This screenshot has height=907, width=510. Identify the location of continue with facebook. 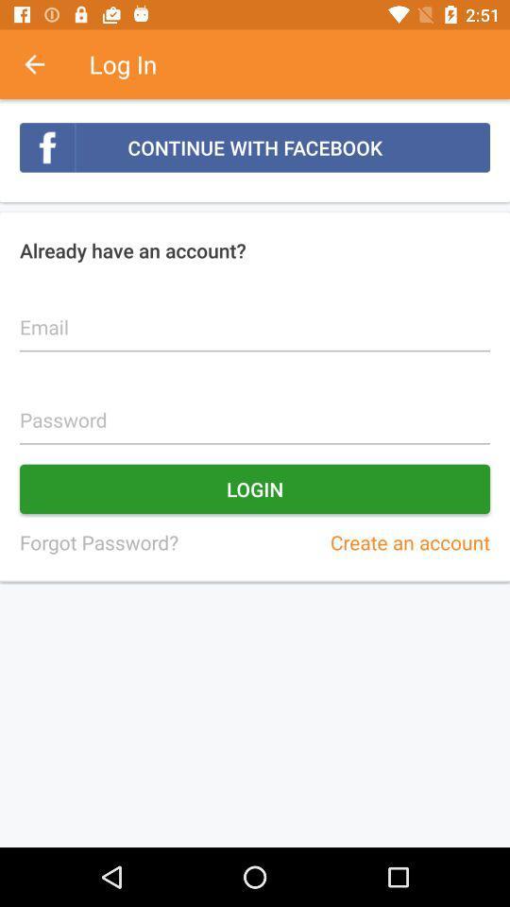
(255, 146).